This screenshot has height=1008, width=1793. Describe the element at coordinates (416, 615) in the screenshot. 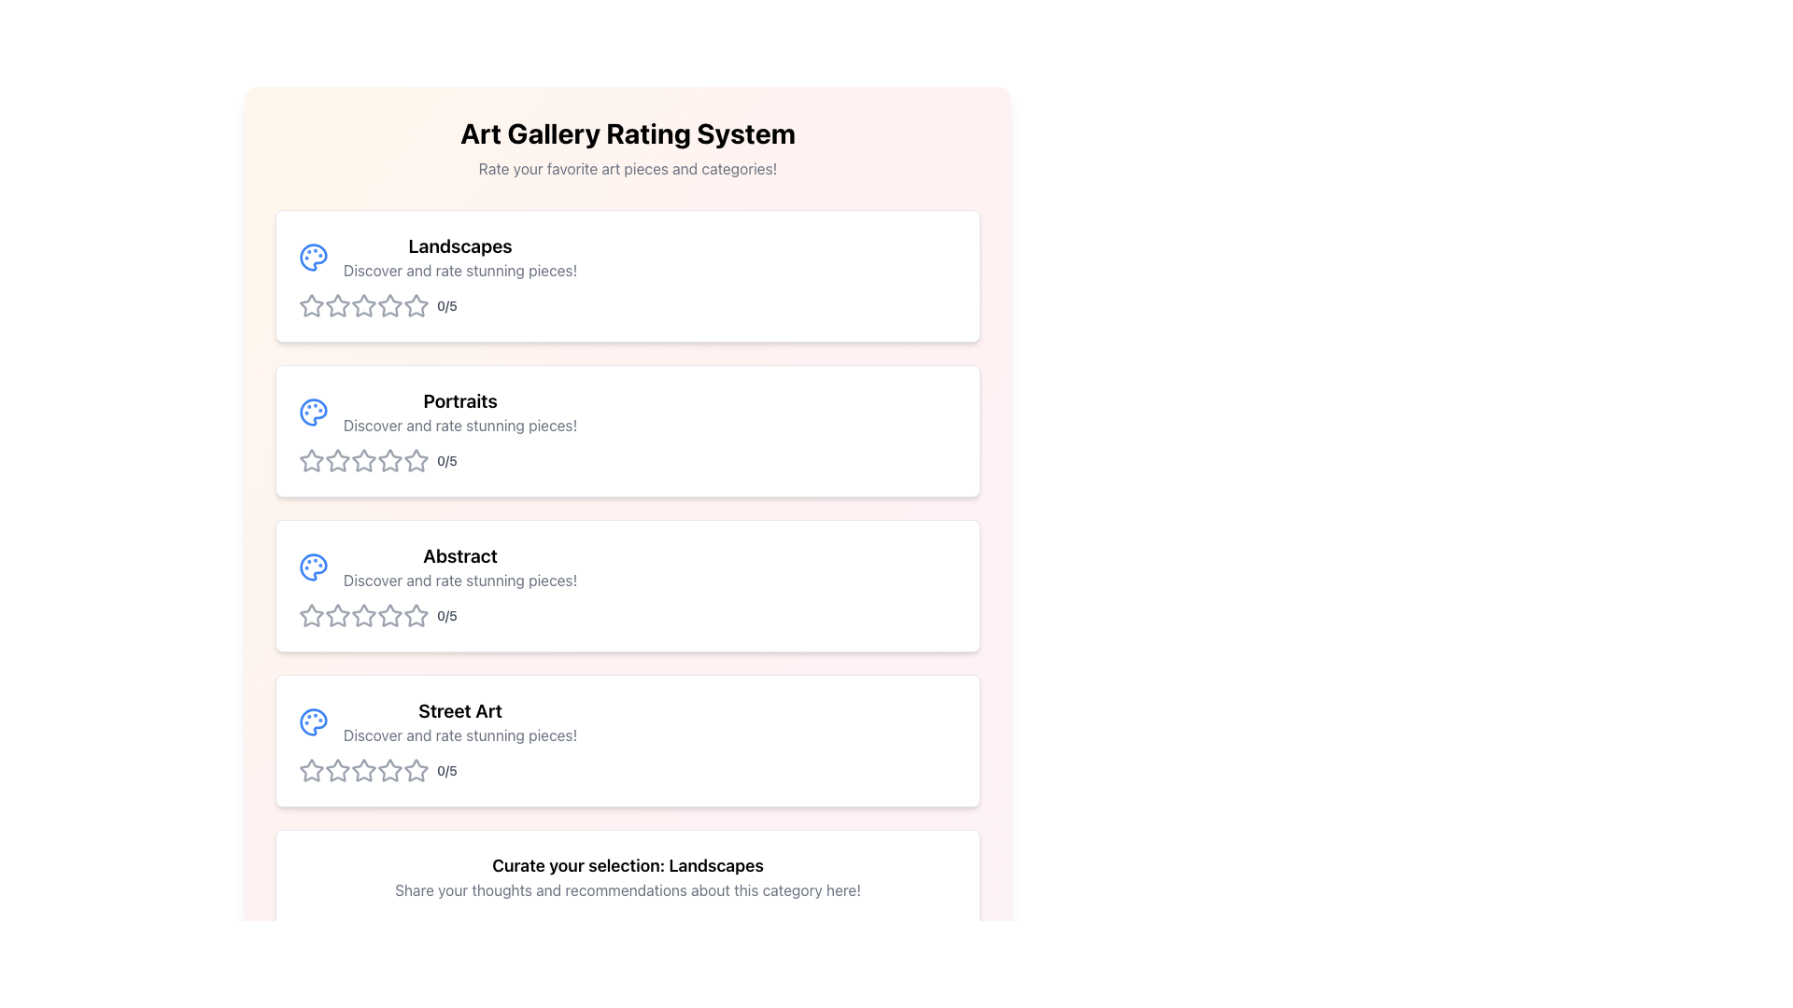

I see `the fifth star-shaped rating icon located in the bottom-right corner of the star row under the 'Abstract' section to rate it` at that location.